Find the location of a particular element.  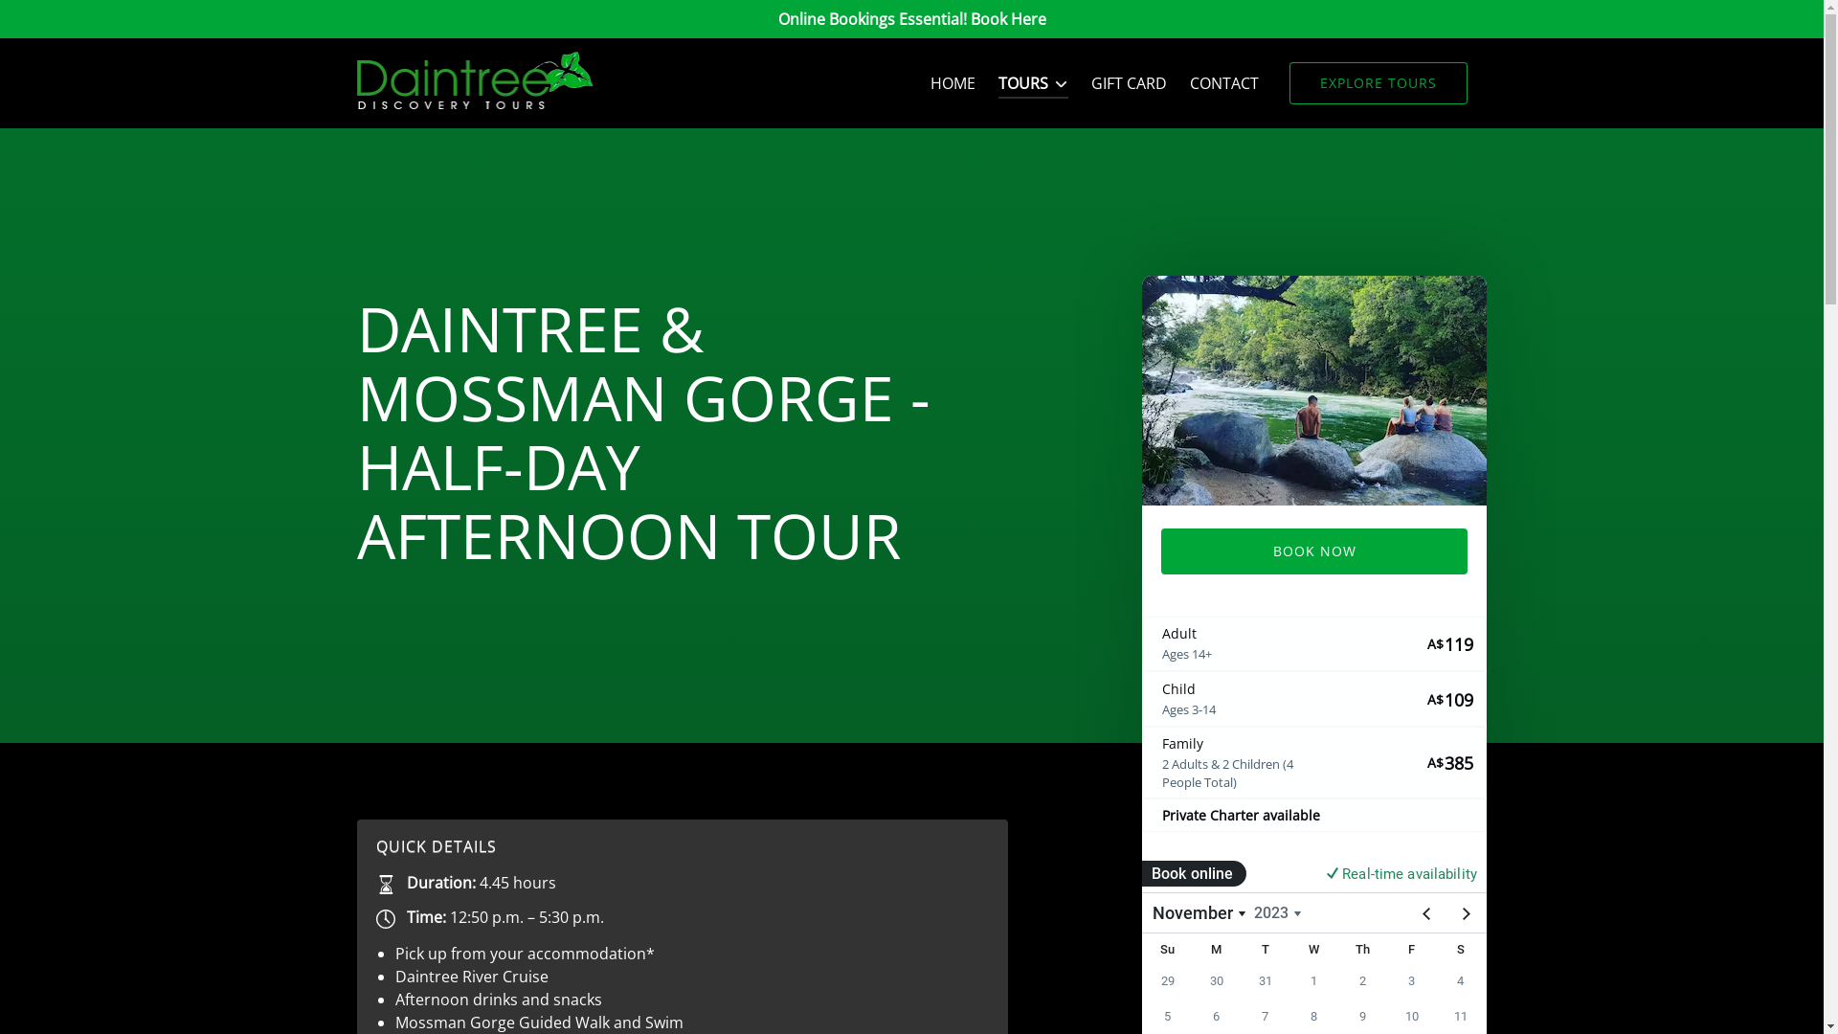

'CONTACT' is located at coordinates (1222, 82).